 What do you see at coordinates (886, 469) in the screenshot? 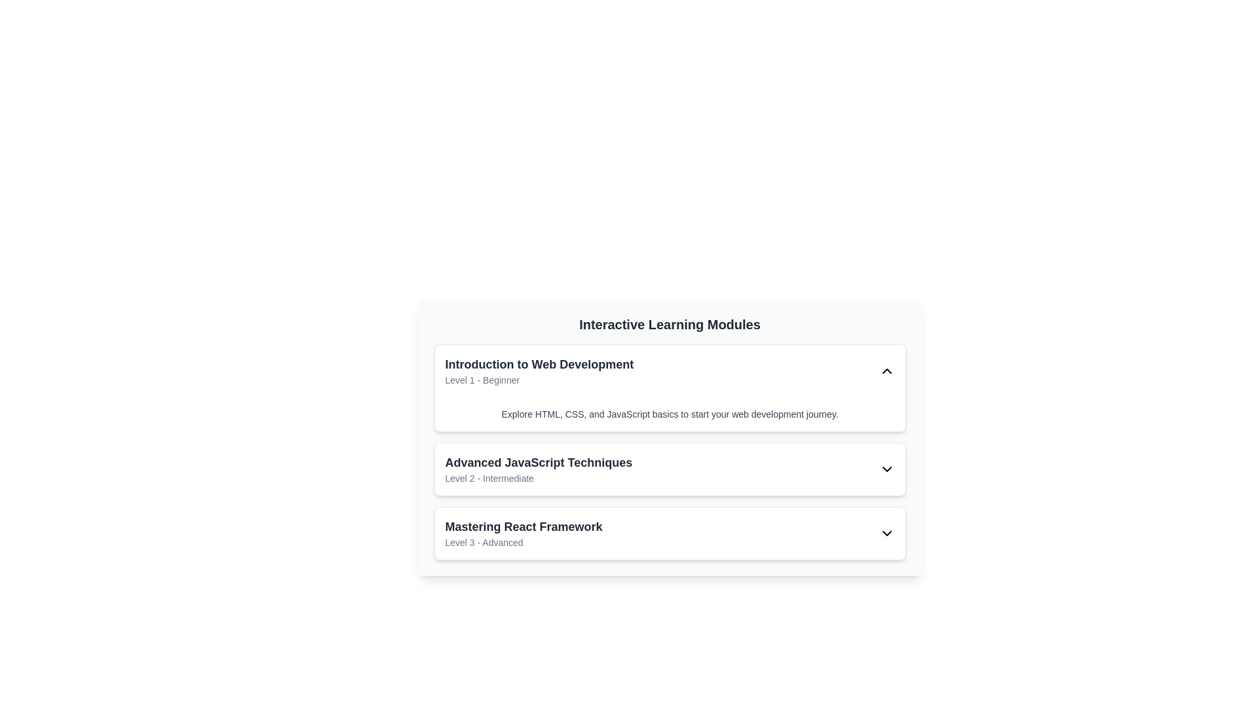
I see `the chevron-shaped dropdown toggle icon in black, located at the far right of the 'Advanced JavaScript Techniques' card` at bounding box center [886, 469].